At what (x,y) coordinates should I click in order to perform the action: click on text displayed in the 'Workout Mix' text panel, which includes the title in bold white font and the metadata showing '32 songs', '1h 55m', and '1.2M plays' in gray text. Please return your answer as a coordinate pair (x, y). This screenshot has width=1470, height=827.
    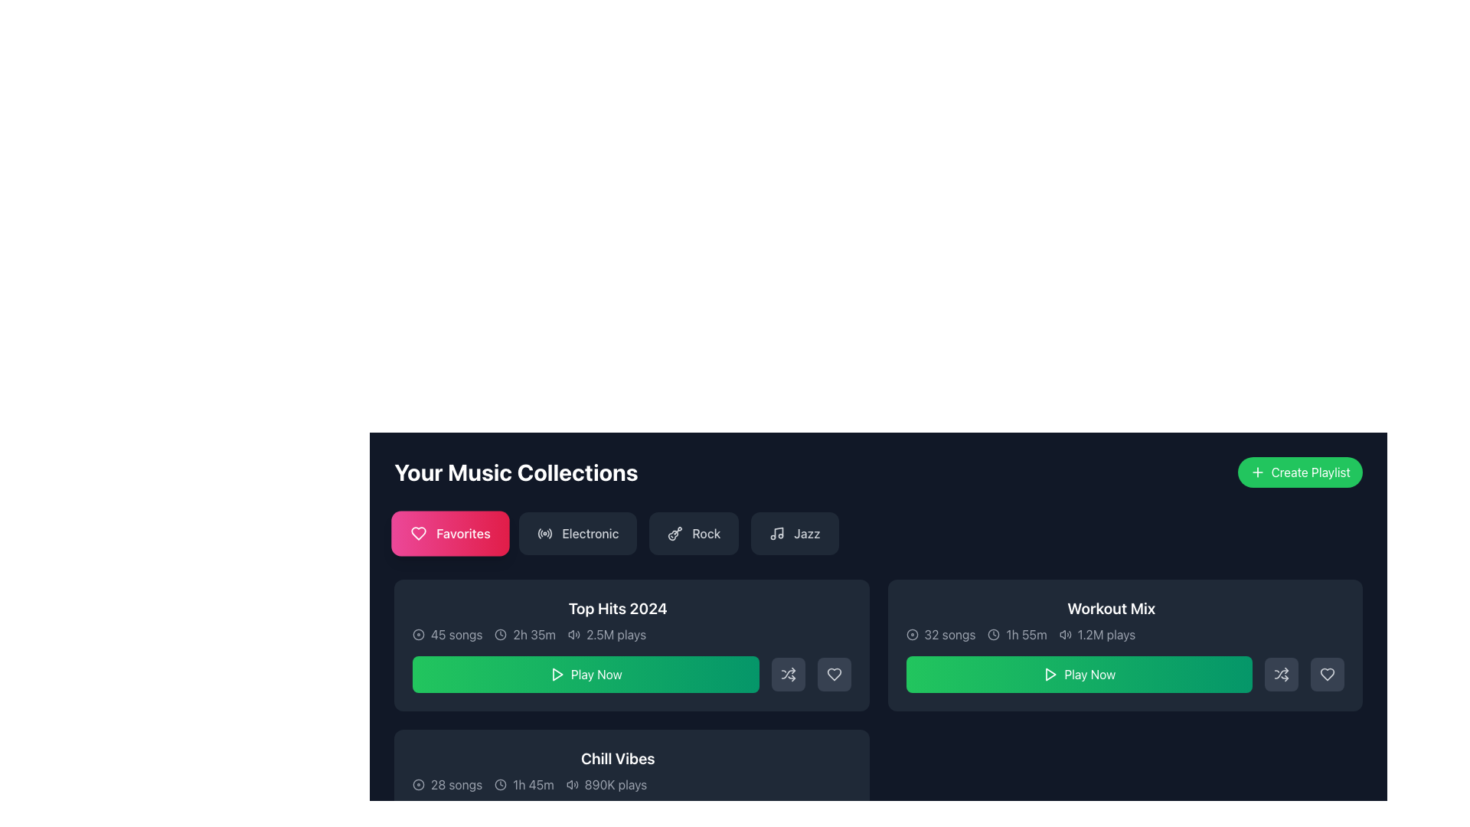
    Looking at the image, I should click on (1111, 620).